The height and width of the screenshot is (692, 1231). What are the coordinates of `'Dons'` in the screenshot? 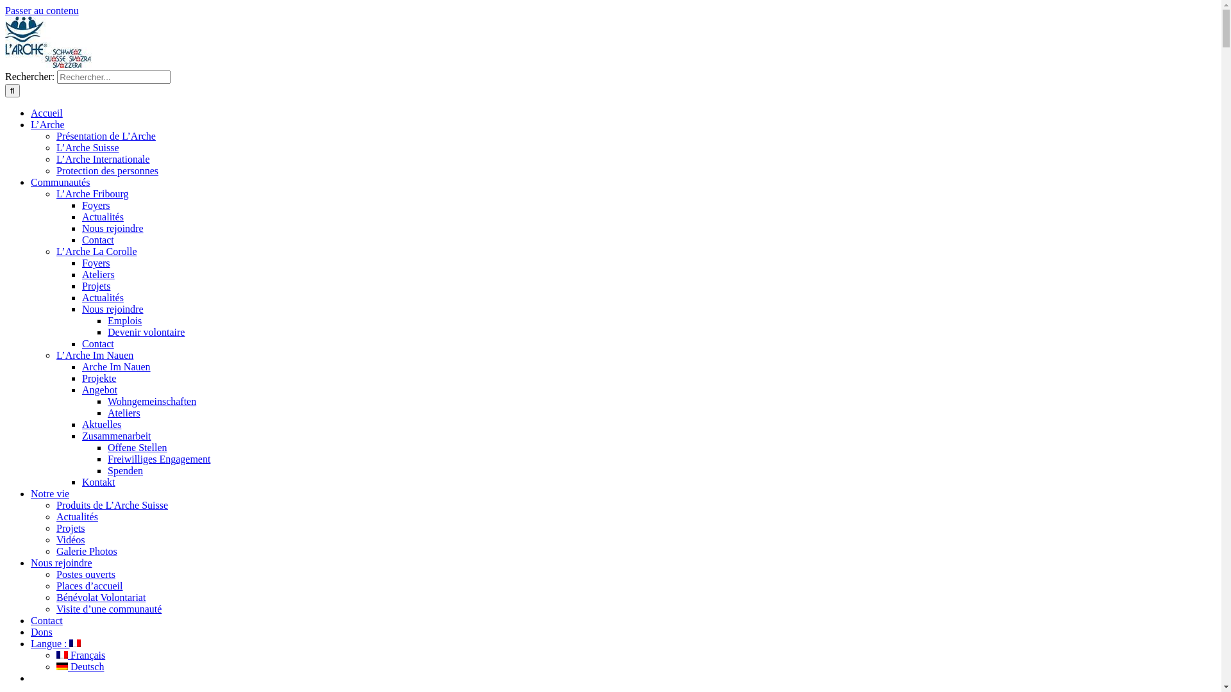 It's located at (42, 631).